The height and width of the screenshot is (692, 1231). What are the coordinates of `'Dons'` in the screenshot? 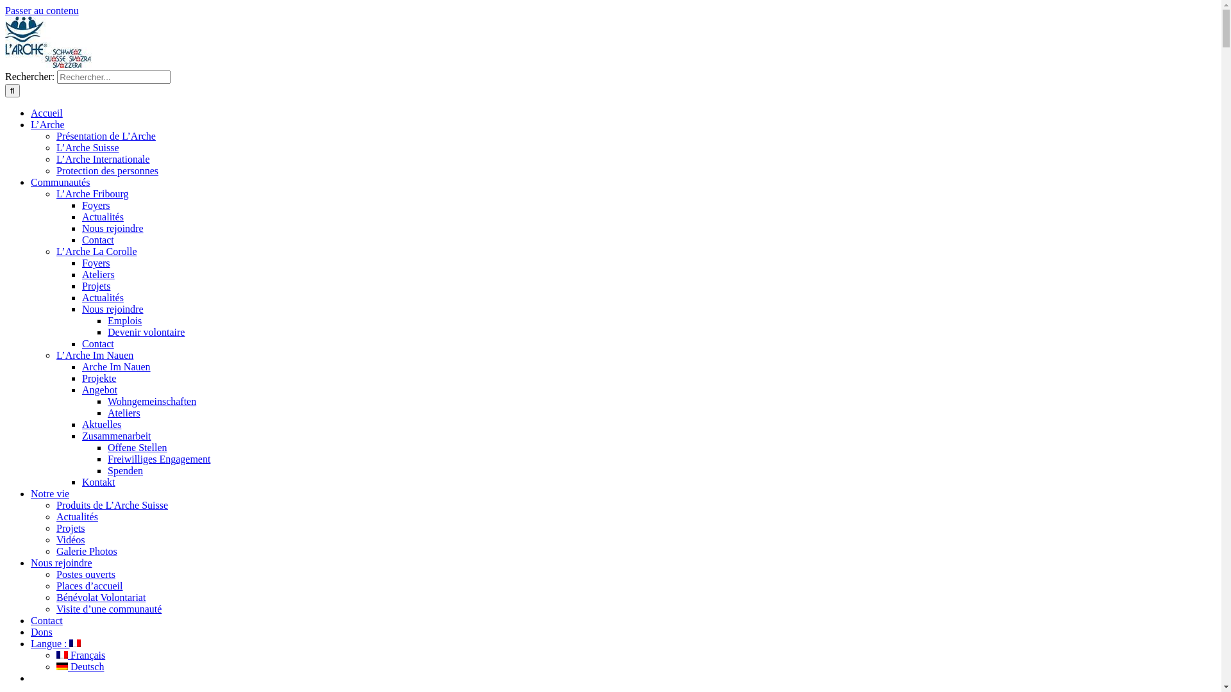 It's located at (42, 631).